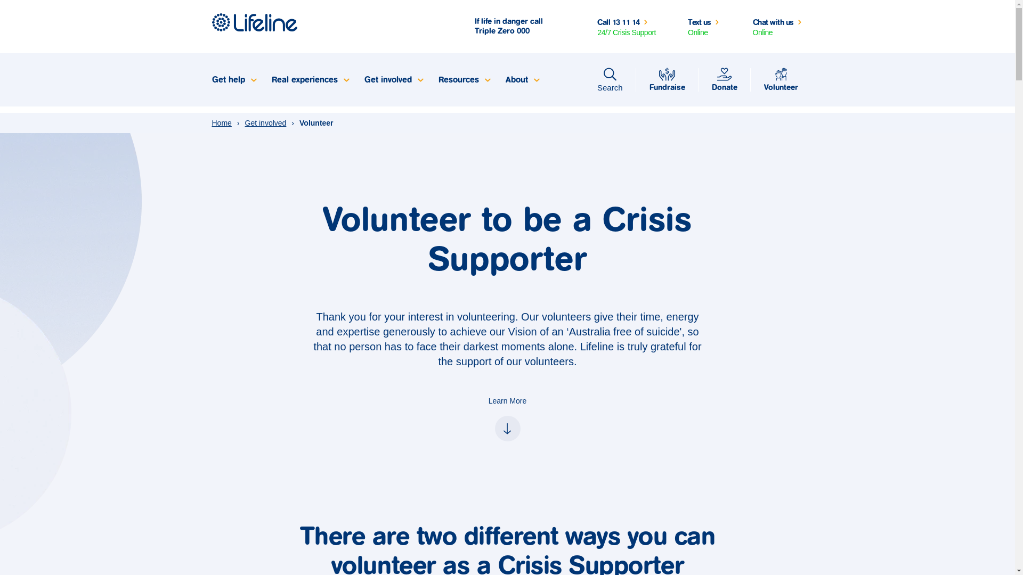 This screenshot has height=575, width=1023. I want to click on 'Volunteer', so click(780, 79).